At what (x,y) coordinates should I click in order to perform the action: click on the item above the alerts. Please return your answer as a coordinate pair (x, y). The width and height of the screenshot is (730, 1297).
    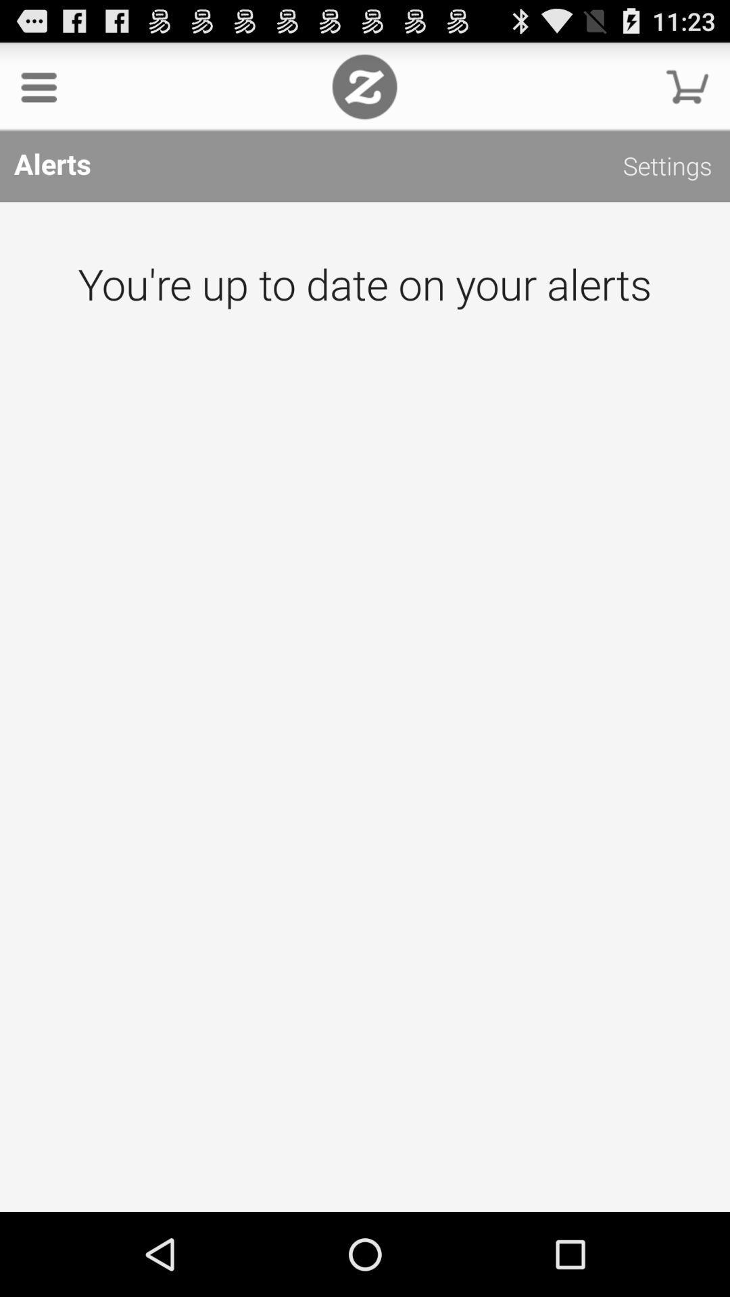
    Looking at the image, I should click on (38, 86).